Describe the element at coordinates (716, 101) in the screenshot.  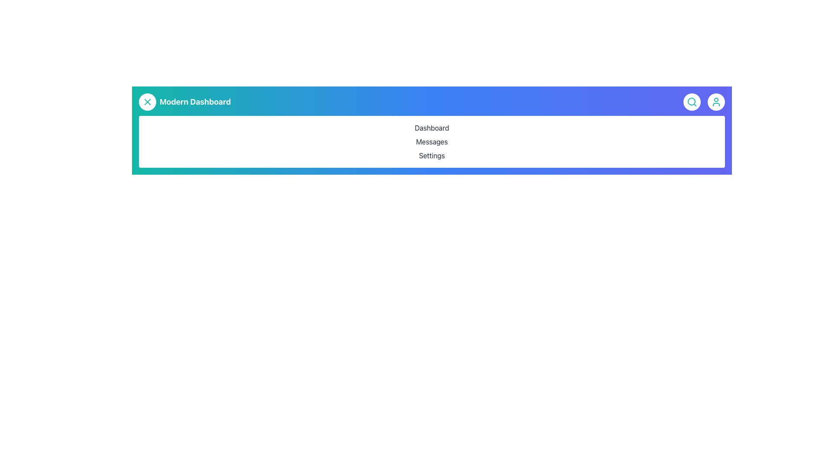
I see `the circular icon button with a teal user silhouette` at that location.